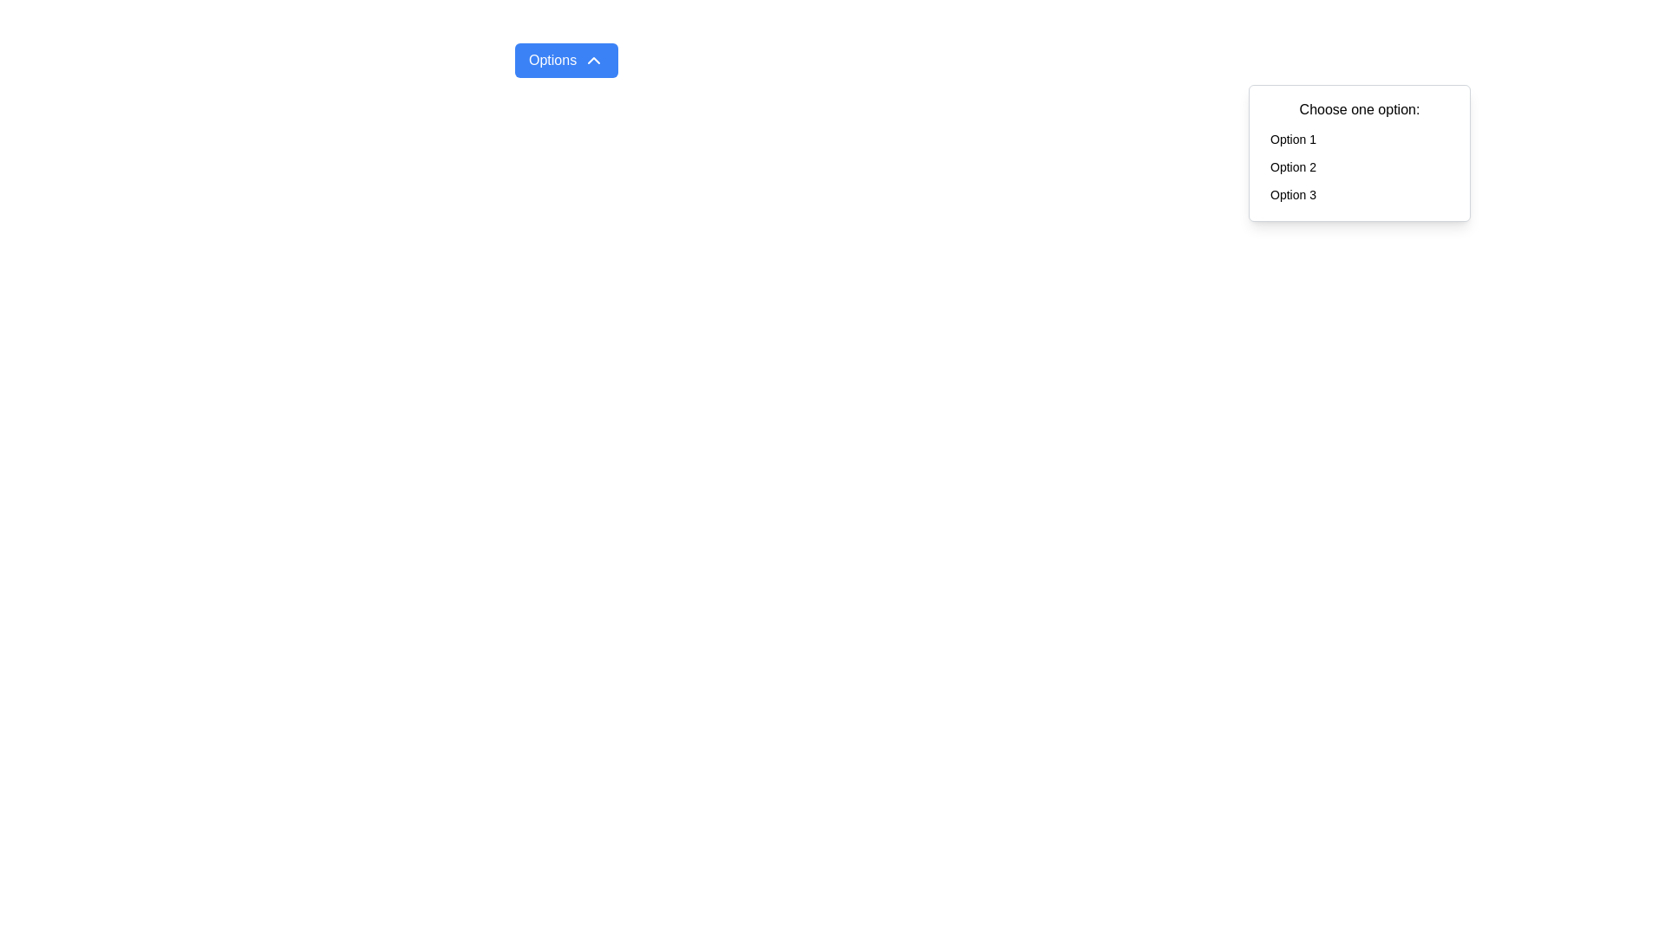 This screenshot has height=936, width=1665. Describe the element at coordinates (594, 59) in the screenshot. I see `the chevron icon located on the right side of the 'Options' button` at that location.